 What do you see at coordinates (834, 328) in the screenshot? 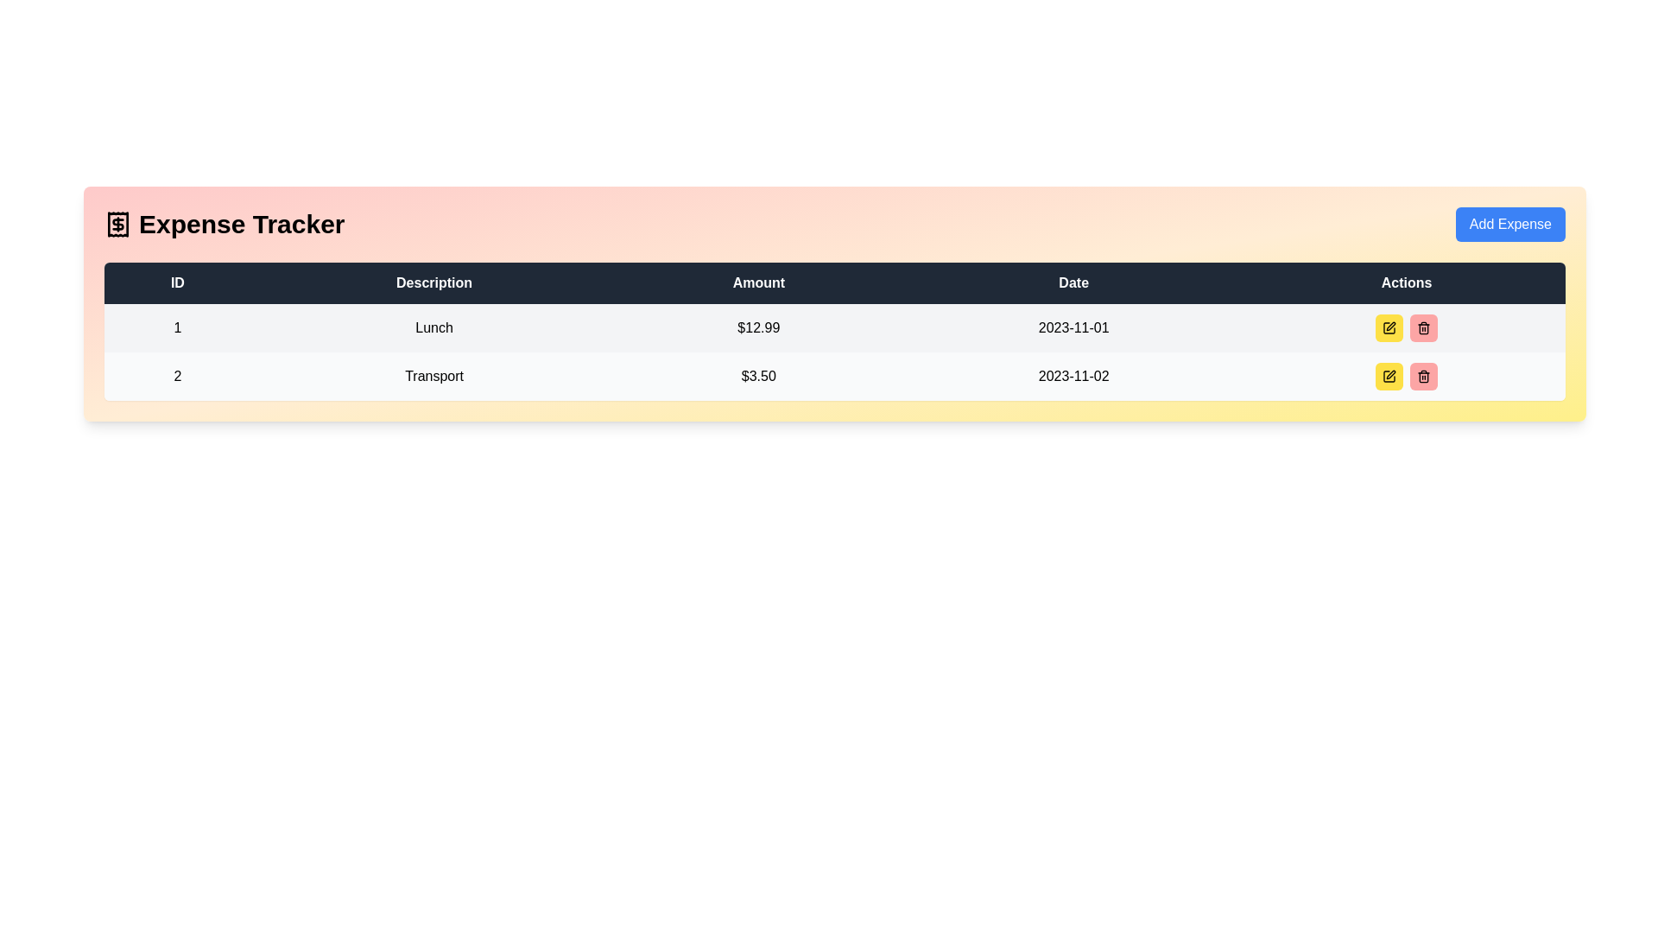
I see `the linked parts of the first row of the expense entry table, which displays details such as ID, description, amount spent, and date` at bounding box center [834, 328].